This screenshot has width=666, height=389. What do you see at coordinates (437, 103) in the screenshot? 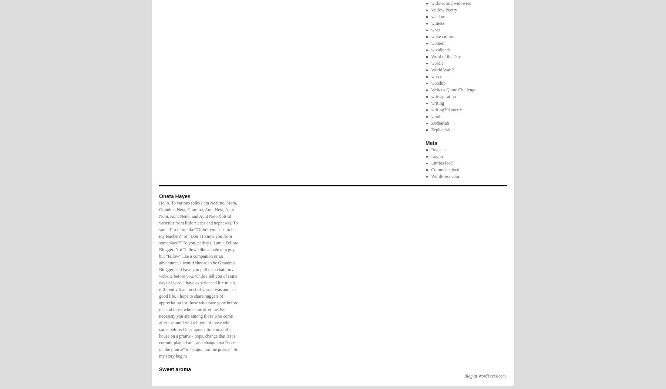
I see `'writing'` at bounding box center [437, 103].